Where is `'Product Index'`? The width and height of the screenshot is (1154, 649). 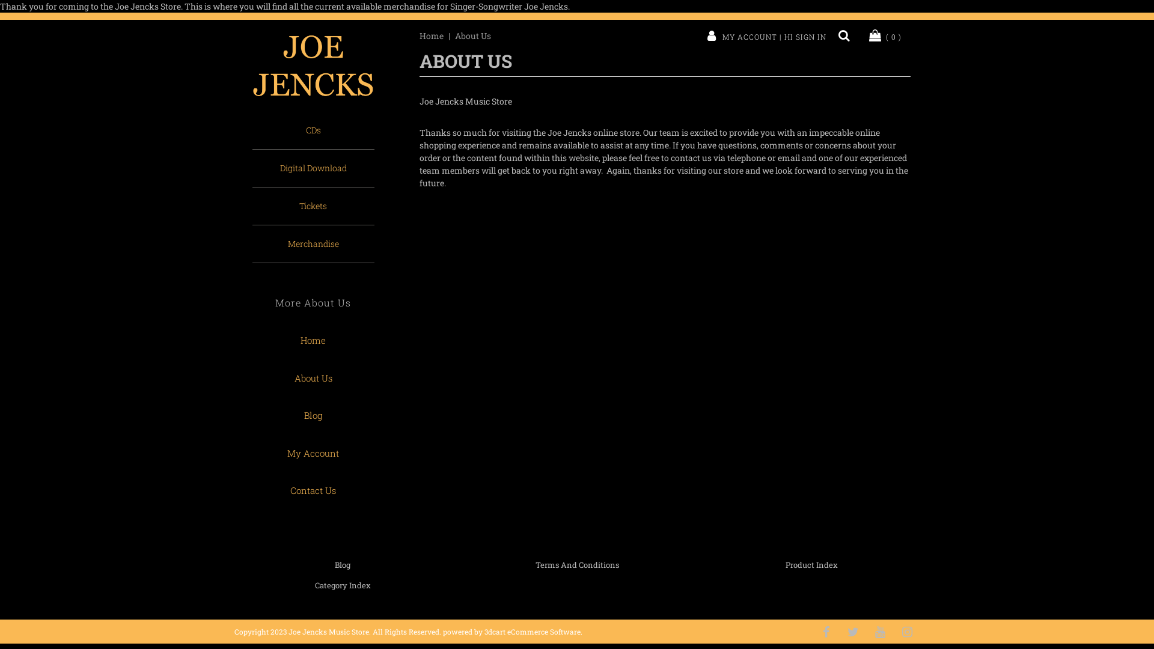 'Product Index' is located at coordinates (811, 564).